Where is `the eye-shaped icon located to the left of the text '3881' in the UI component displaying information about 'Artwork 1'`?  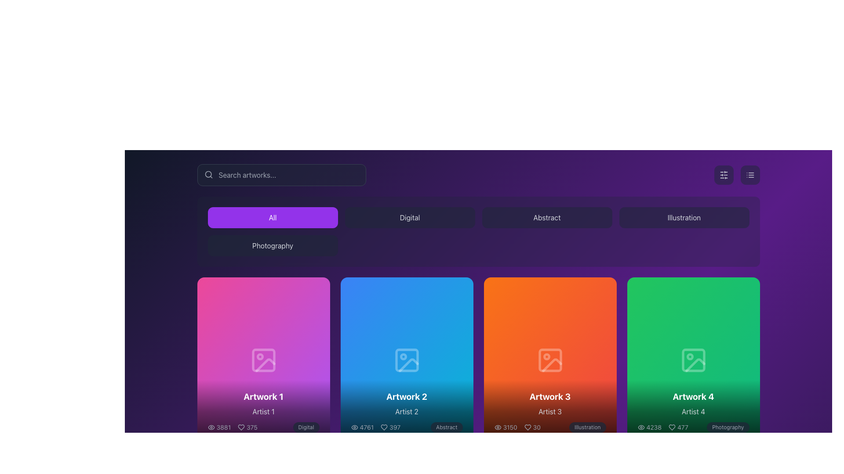 the eye-shaped icon located to the left of the text '3881' in the UI component displaying information about 'Artwork 1' is located at coordinates (211, 427).